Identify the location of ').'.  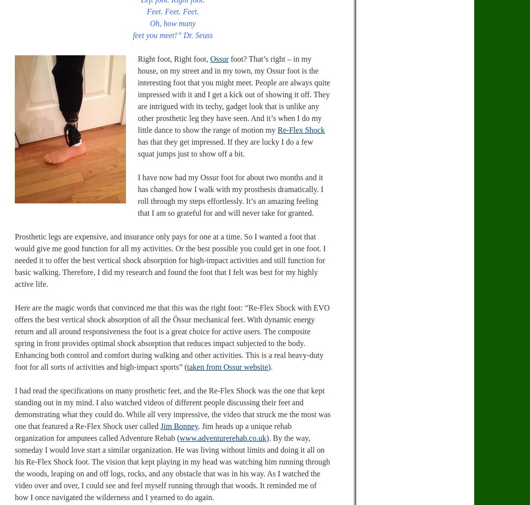
(267, 367).